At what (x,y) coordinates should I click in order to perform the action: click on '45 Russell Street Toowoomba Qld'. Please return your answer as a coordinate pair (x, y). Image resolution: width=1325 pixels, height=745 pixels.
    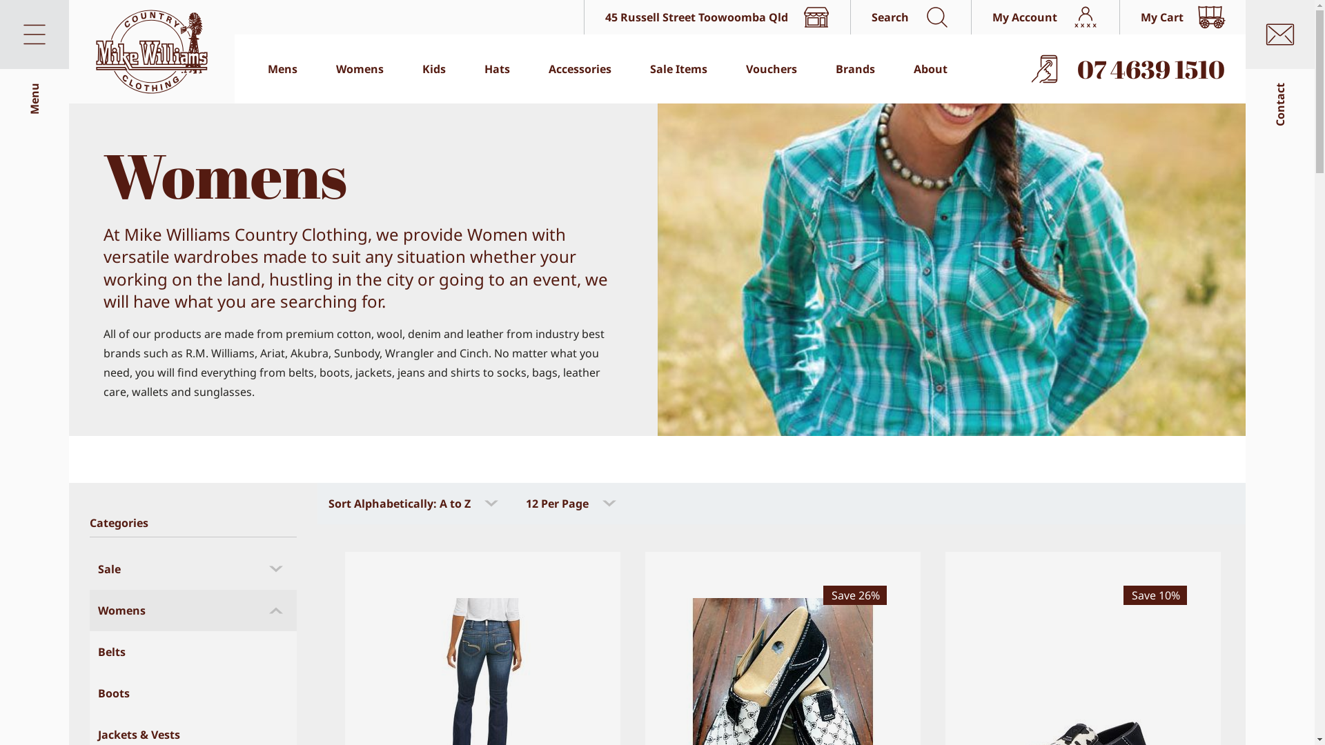
    Looking at the image, I should click on (716, 17).